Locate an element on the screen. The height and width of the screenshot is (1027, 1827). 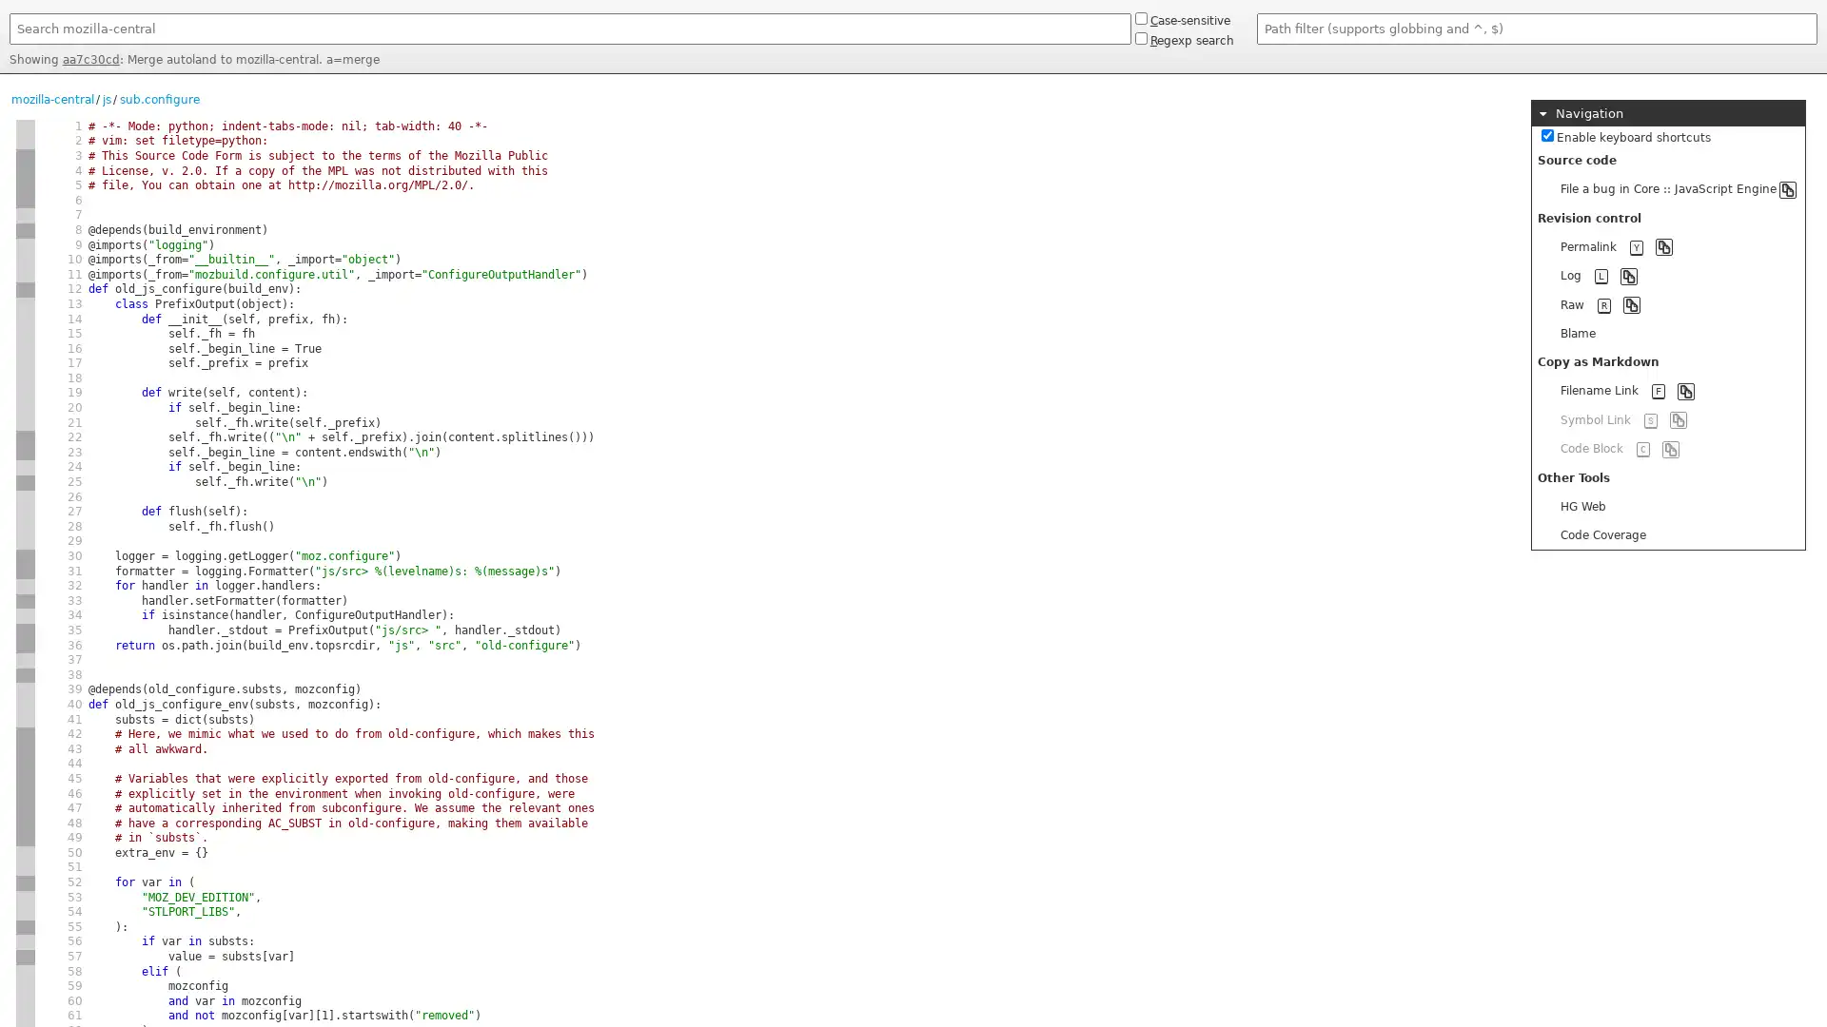
new hash 6 is located at coordinates (26, 496).